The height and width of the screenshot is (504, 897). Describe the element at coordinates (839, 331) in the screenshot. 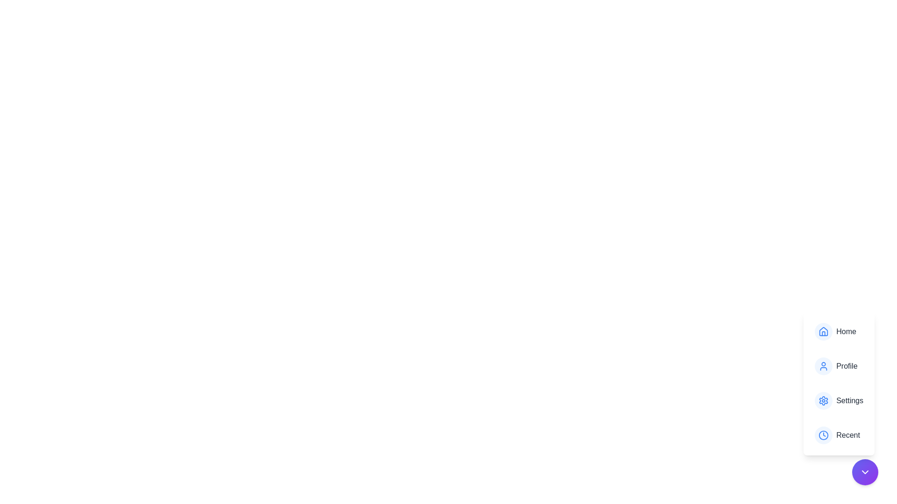

I see `the menu item Home to trigger its action` at that location.